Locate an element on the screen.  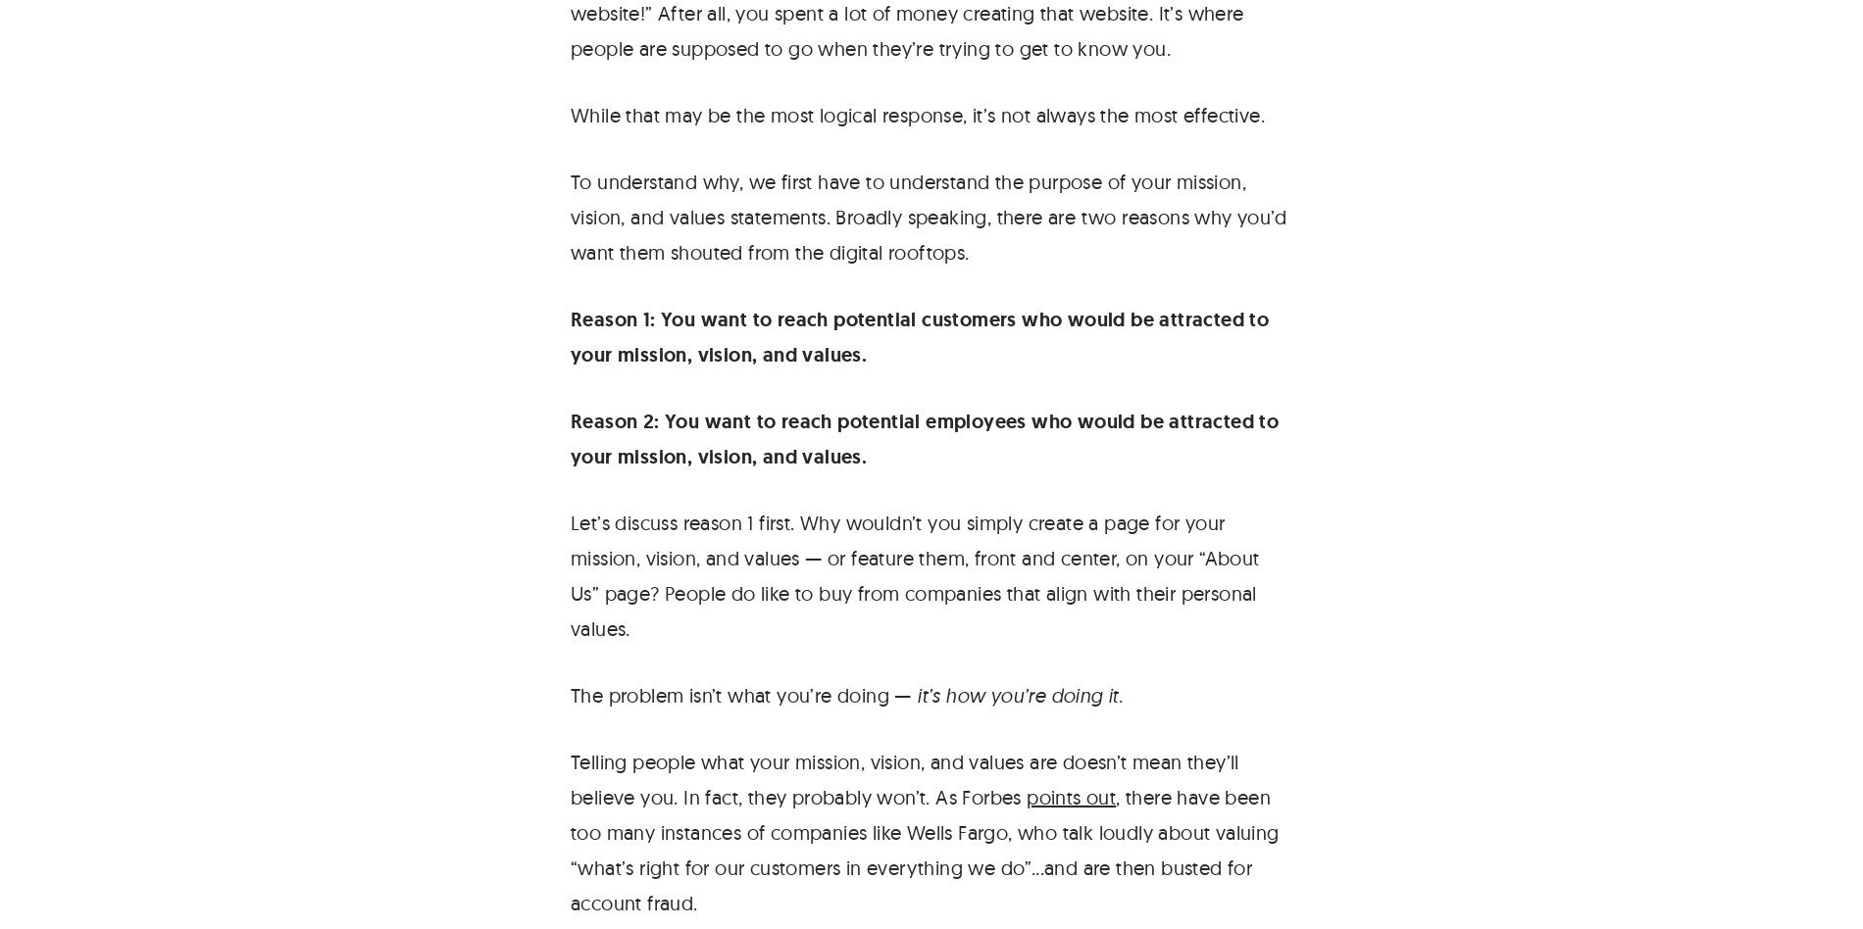
'703.891.0670' is located at coordinates (77, 92).